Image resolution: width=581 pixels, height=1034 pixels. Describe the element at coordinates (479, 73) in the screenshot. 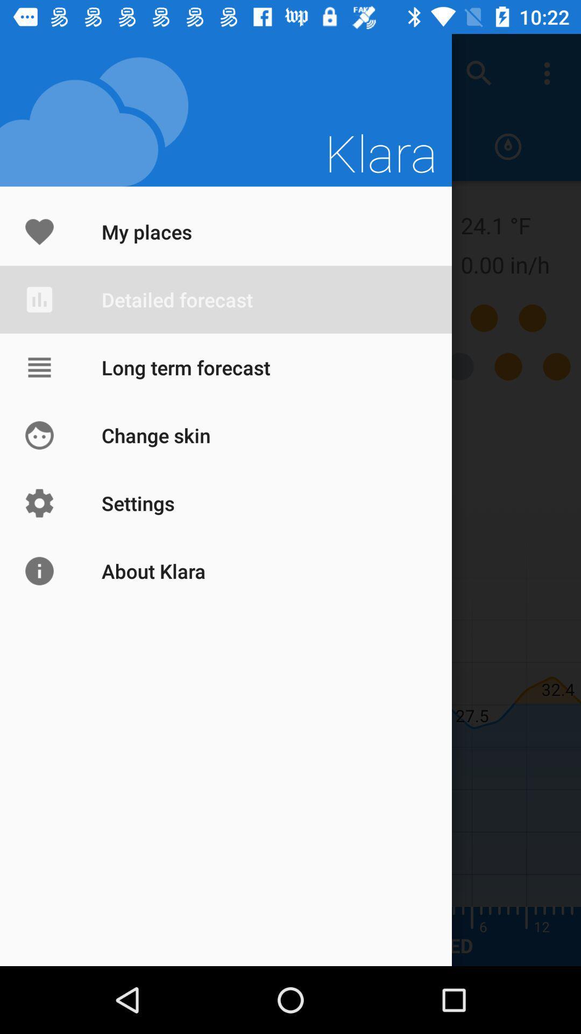

I see `the search icon which is before the menu icon on the top right corner` at that location.